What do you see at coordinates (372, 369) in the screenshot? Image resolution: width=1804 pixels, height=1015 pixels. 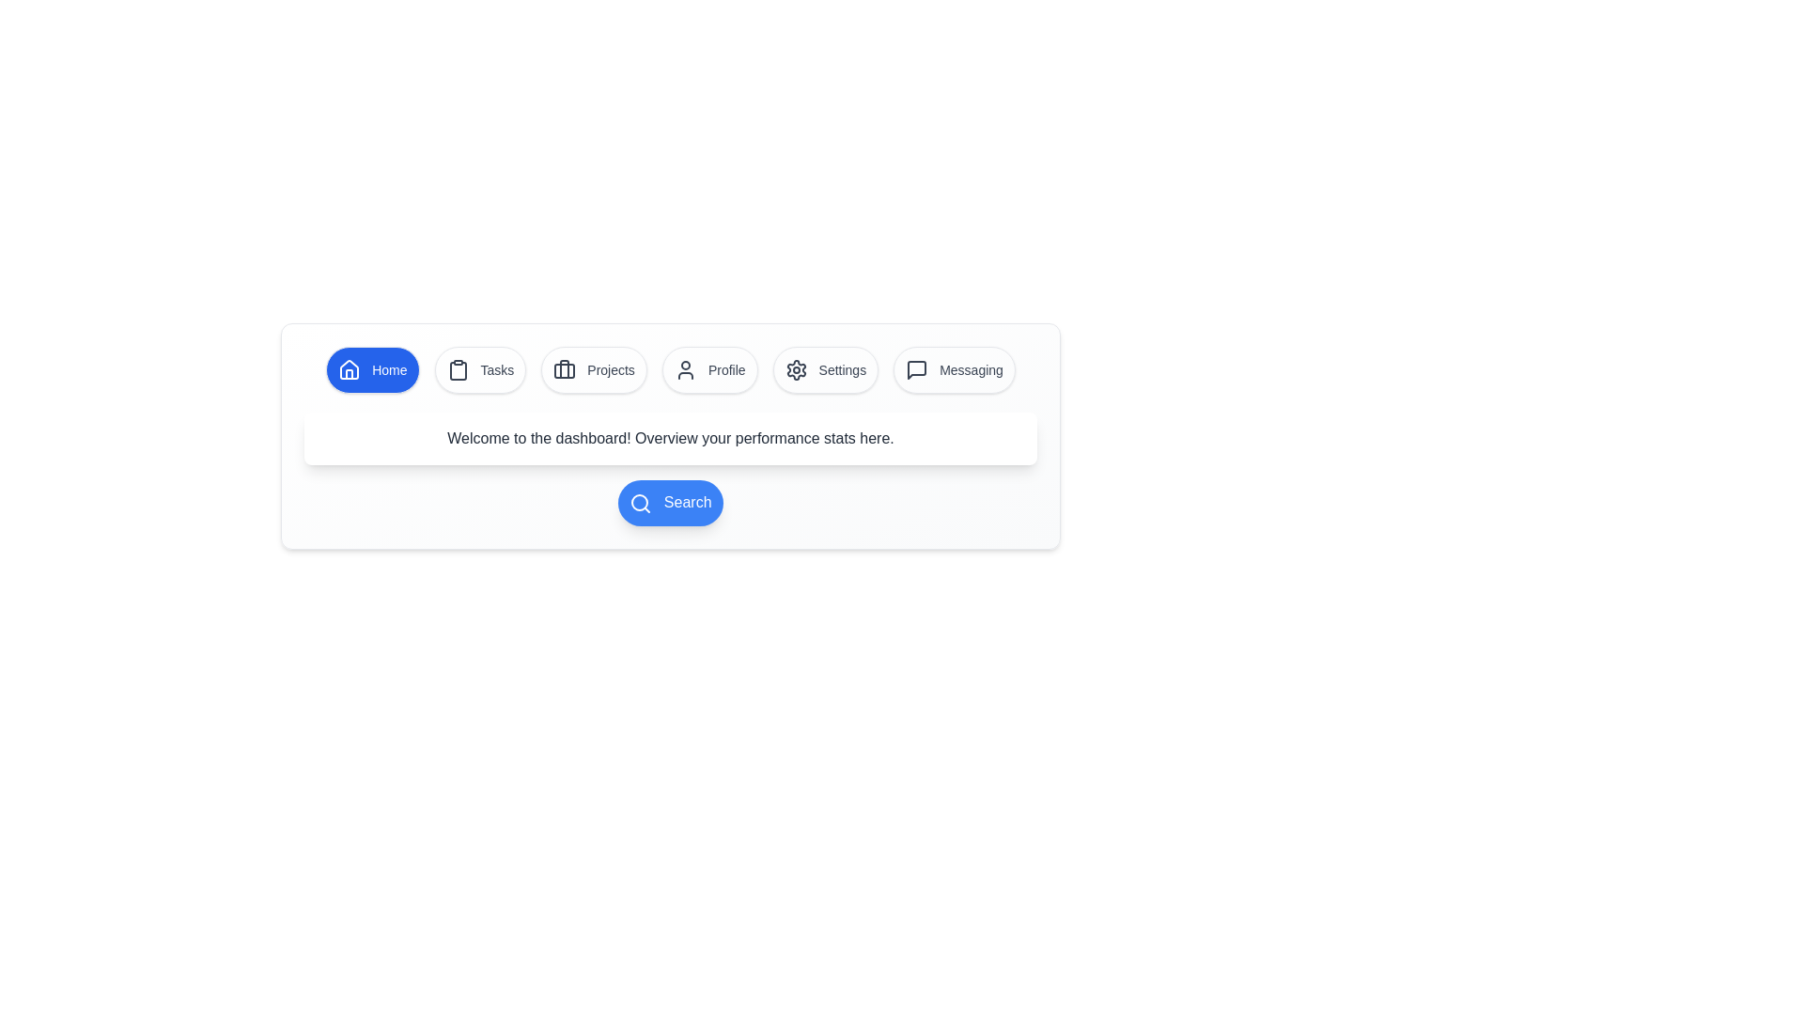 I see `the navigation button located at the far left of the button group` at bounding box center [372, 369].